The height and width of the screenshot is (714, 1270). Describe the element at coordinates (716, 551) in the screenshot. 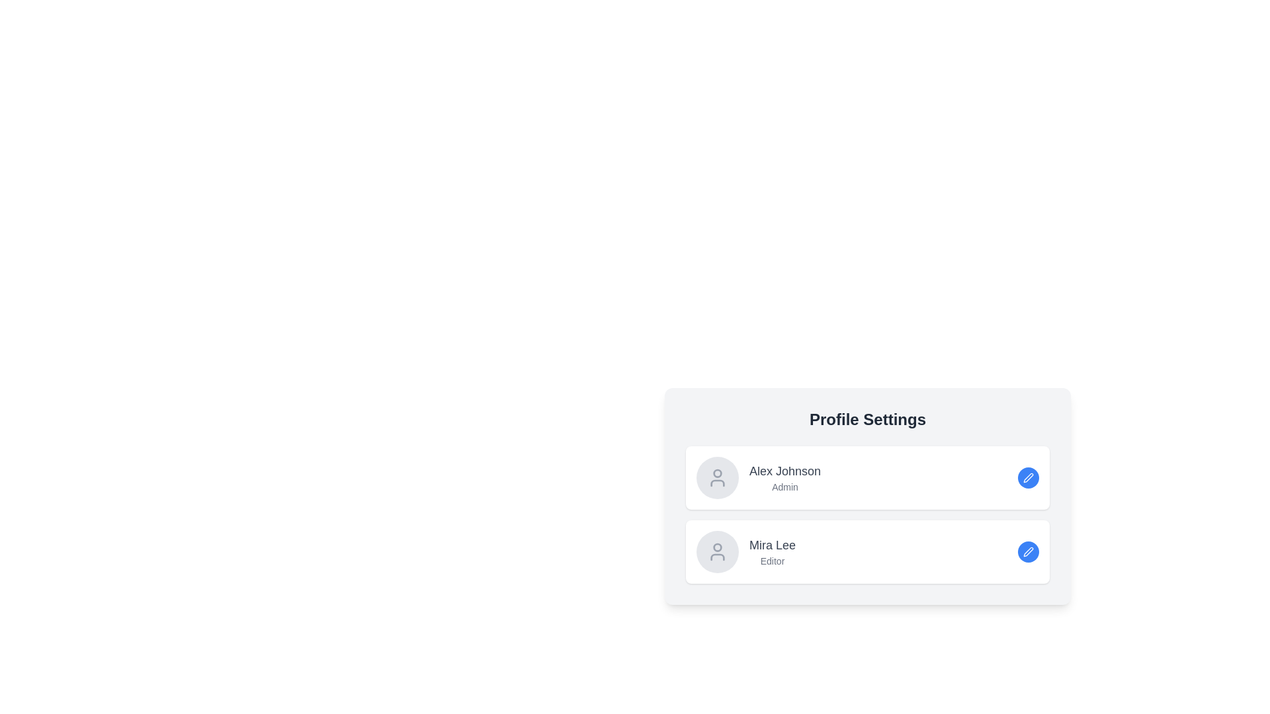

I see `the Avatar Placeholder representing the user 'Mira Lee Editor' in the 'Profile Settings' section, located to the left of the profile card` at that location.